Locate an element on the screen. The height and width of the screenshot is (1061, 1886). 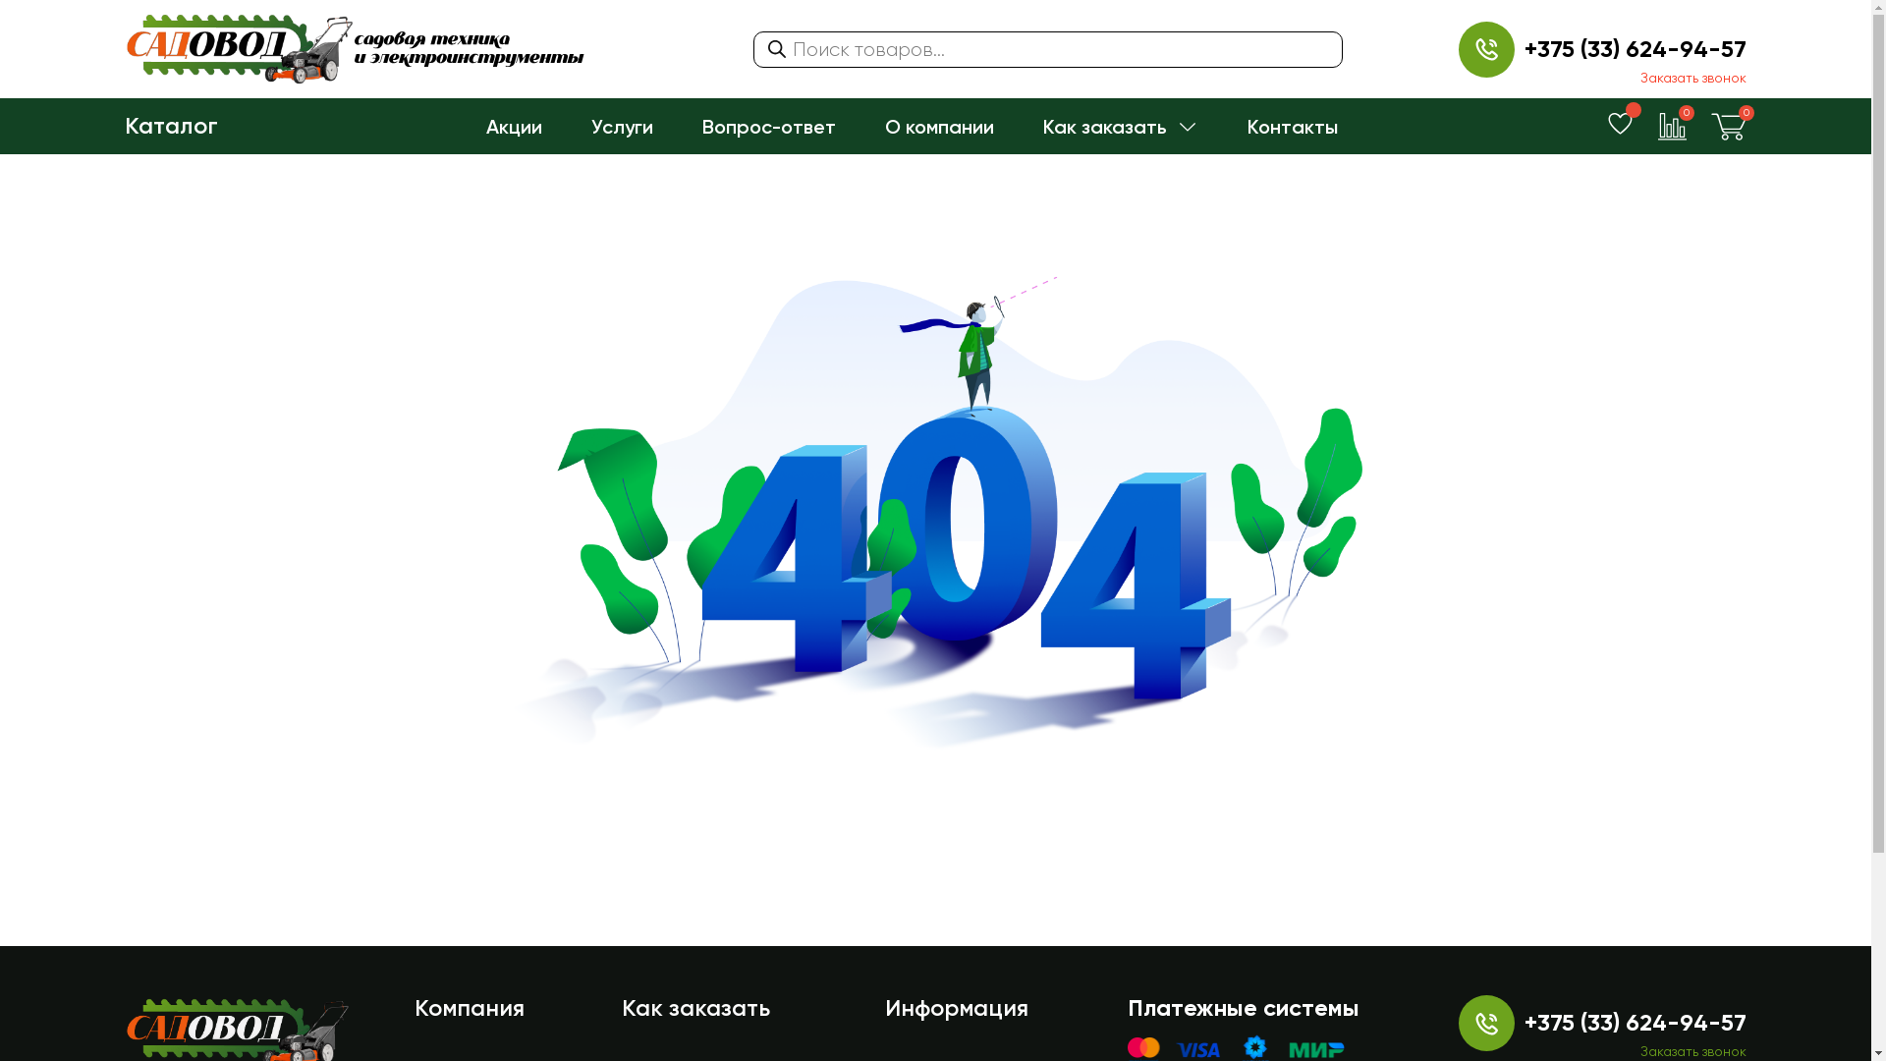
'0' is located at coordinates (1729, 125).